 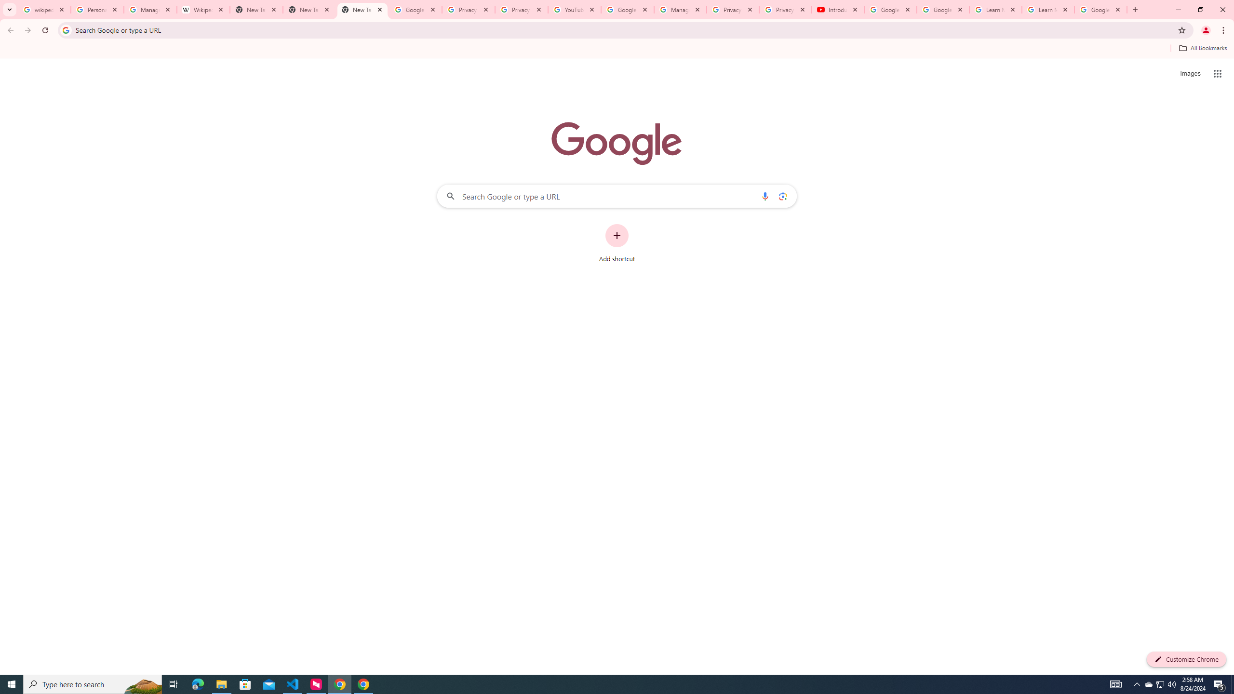 What do you see at coordinates (782, 195) in the screenshot?
I see `'Search by image'` at bounding box center [782, 195].